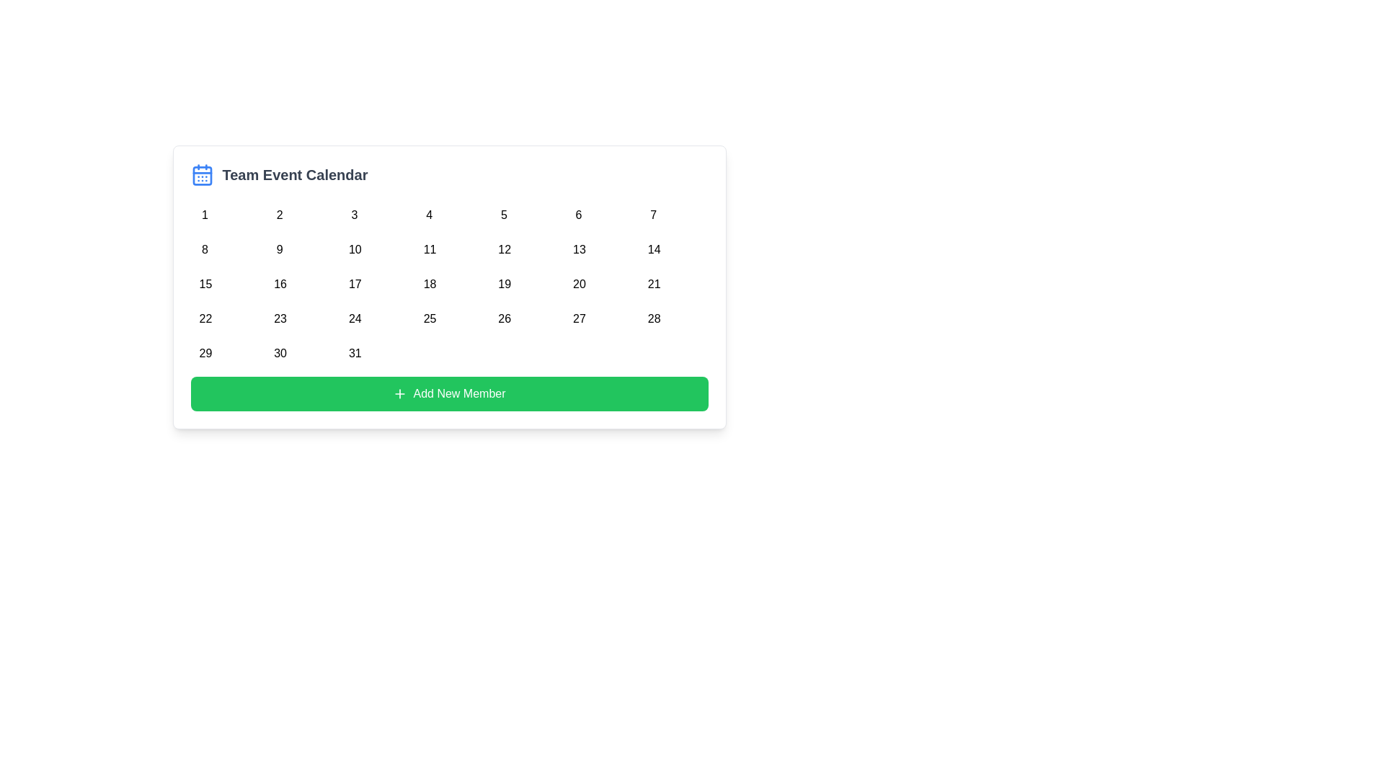 This screenshot has width=1384, height=778. Describe the element at coordinates (280, 212) in the screenshot. I see `the Interactive Grid Cell representing the date '2' in the calendar grid` at that location.